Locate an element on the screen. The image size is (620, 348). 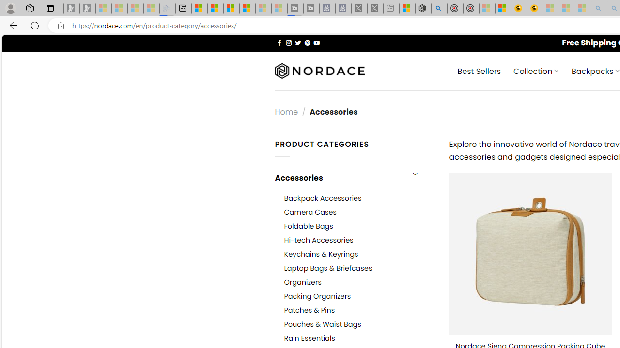
'Streaming Coverage | T3 - Sleeping' is located at coordinates (294, 8).